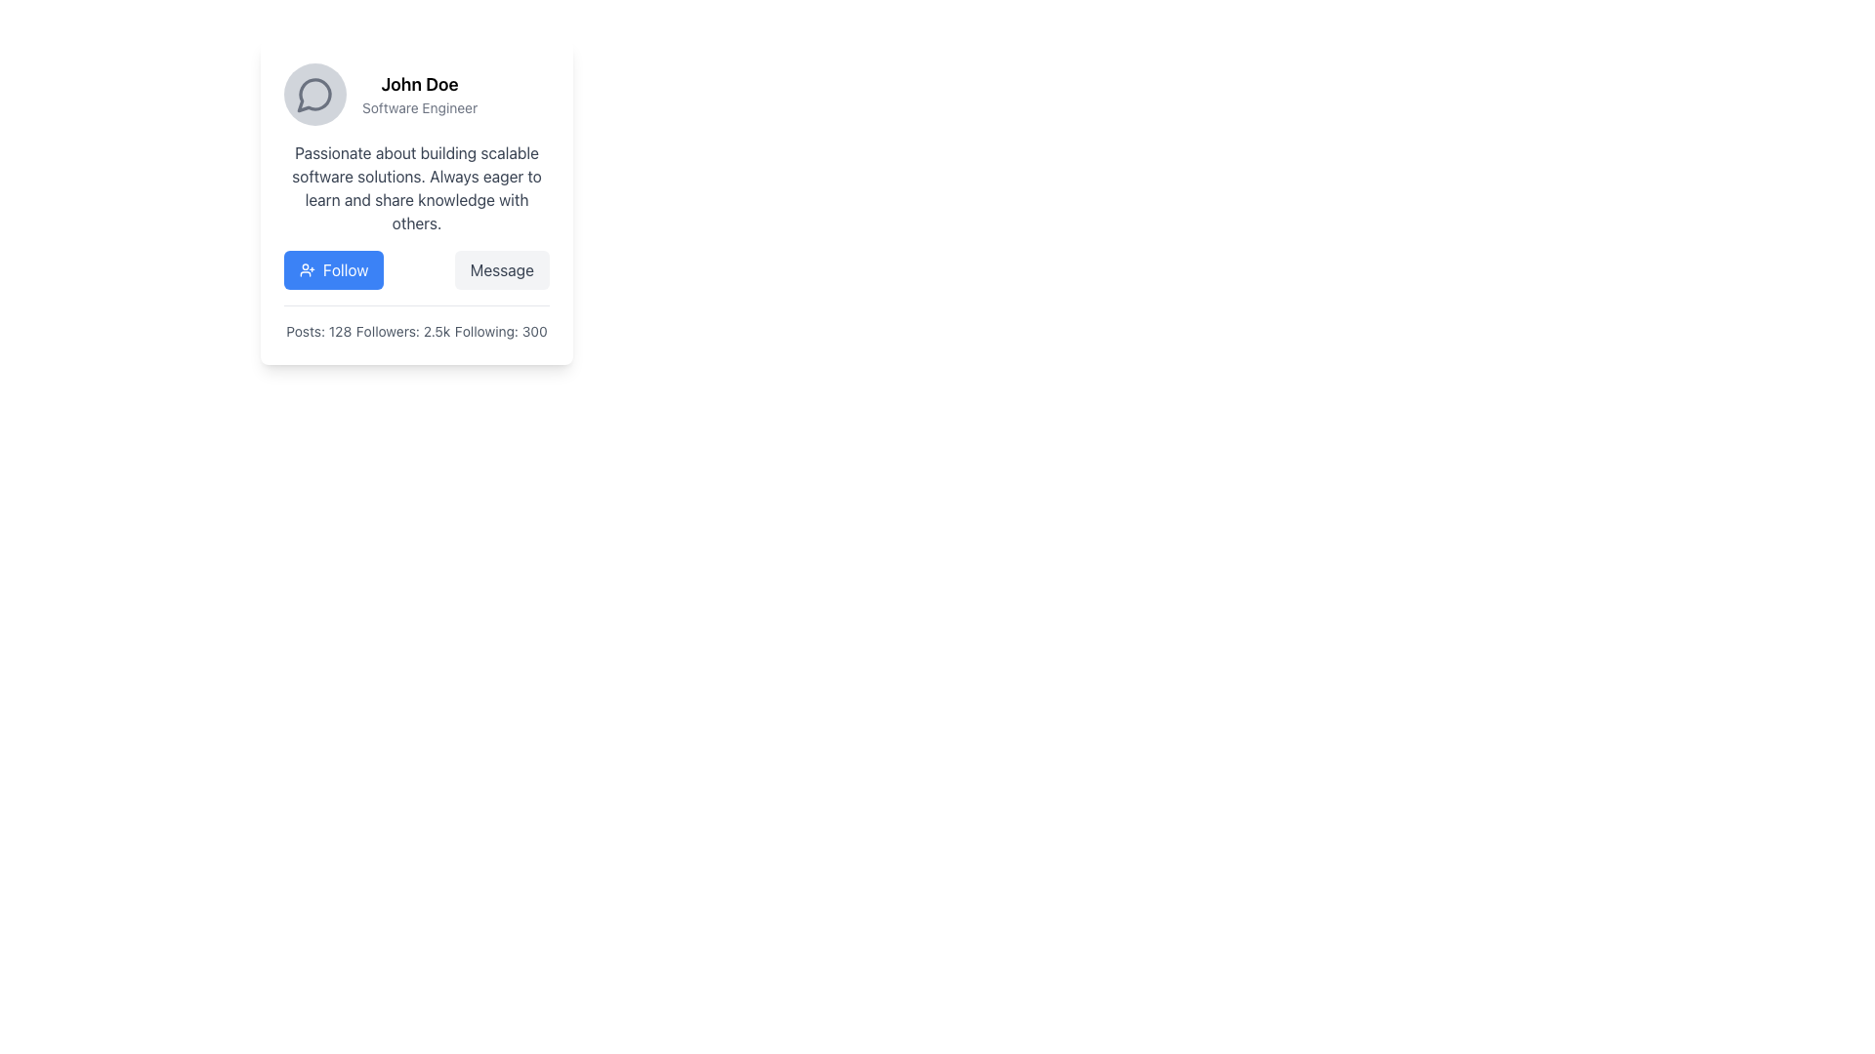 This screenshot has width=1875, height=1054. What do you see at coordinates (419, 84) in the screenshot?
I see `the user's name text element located at the top of the user profile card, adjacent to the circular avatar image` at bounding box center [419, 84].